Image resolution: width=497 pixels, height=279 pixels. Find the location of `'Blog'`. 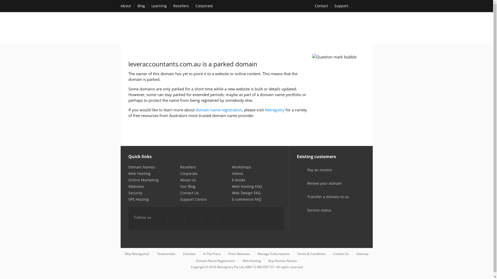

'Blog' is located at coordinates (141, 6).